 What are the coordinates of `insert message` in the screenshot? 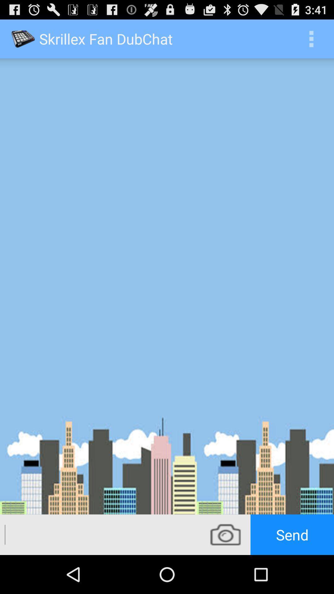 It's located at (100, 534).